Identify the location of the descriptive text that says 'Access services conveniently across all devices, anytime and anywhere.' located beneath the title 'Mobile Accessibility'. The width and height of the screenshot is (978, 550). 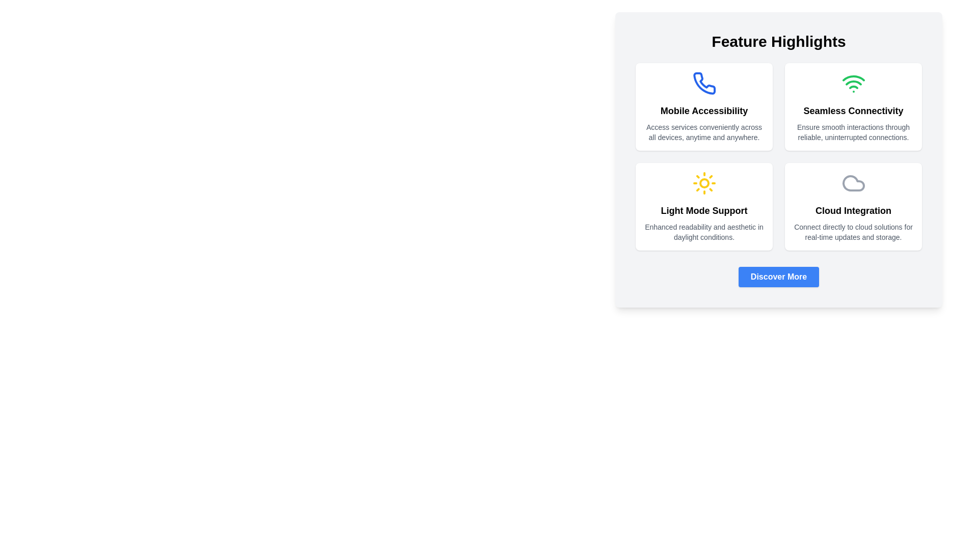
(703, 131).